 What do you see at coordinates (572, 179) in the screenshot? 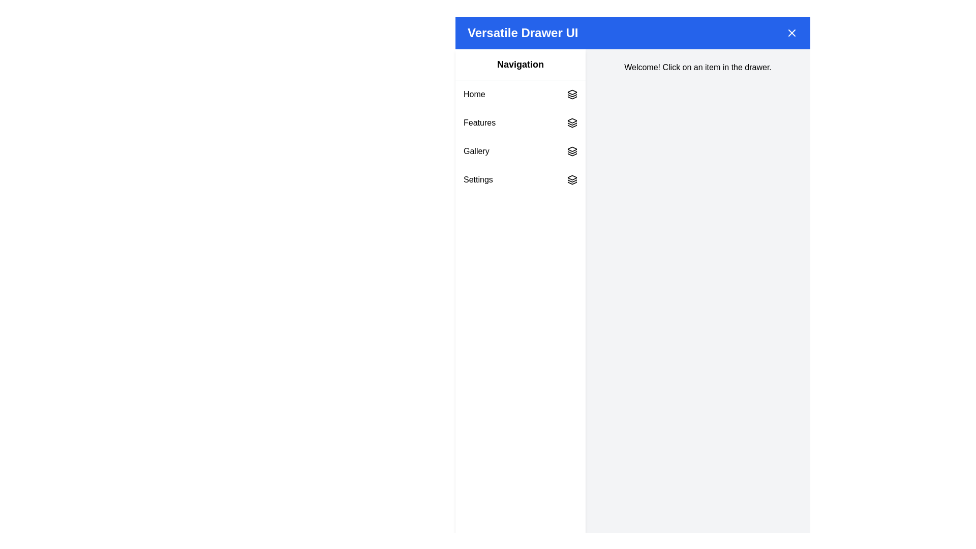
I see `the icon resembling stacked layers located to the right of the 'Settings' text in the navigation section` at bounding box center [572, 179].